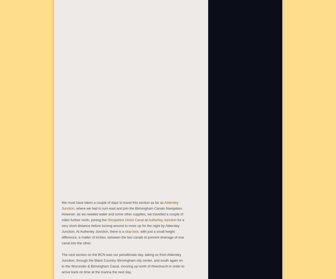 Image resolution: width=336 pixels, height=279 pixels. Describe the element at coordinates (107, 219) in the screenshot. I see `'Shropshire Union Canal'` at that location.